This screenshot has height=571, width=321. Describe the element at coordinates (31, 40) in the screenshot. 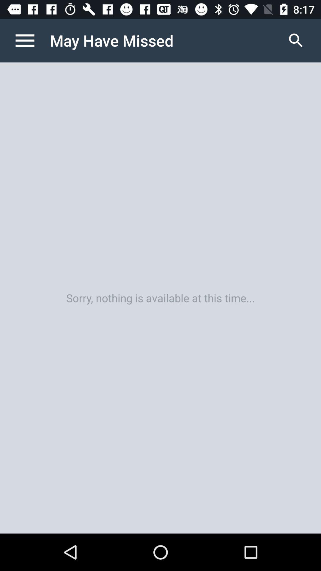

I see `icon next to the may have missed icon` at that location.